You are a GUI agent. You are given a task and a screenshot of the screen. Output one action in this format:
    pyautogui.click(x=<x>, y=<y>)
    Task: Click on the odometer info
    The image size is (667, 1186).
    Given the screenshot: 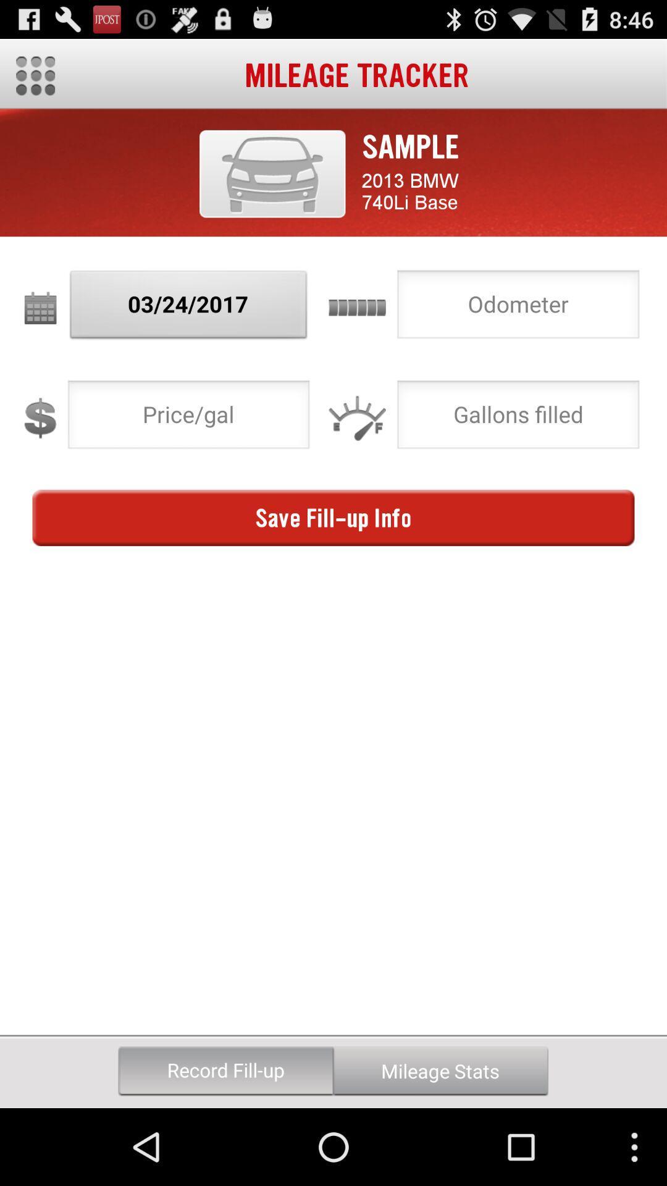 What is the action you would take?
    pyautogui.click(x=518, y=308)
    